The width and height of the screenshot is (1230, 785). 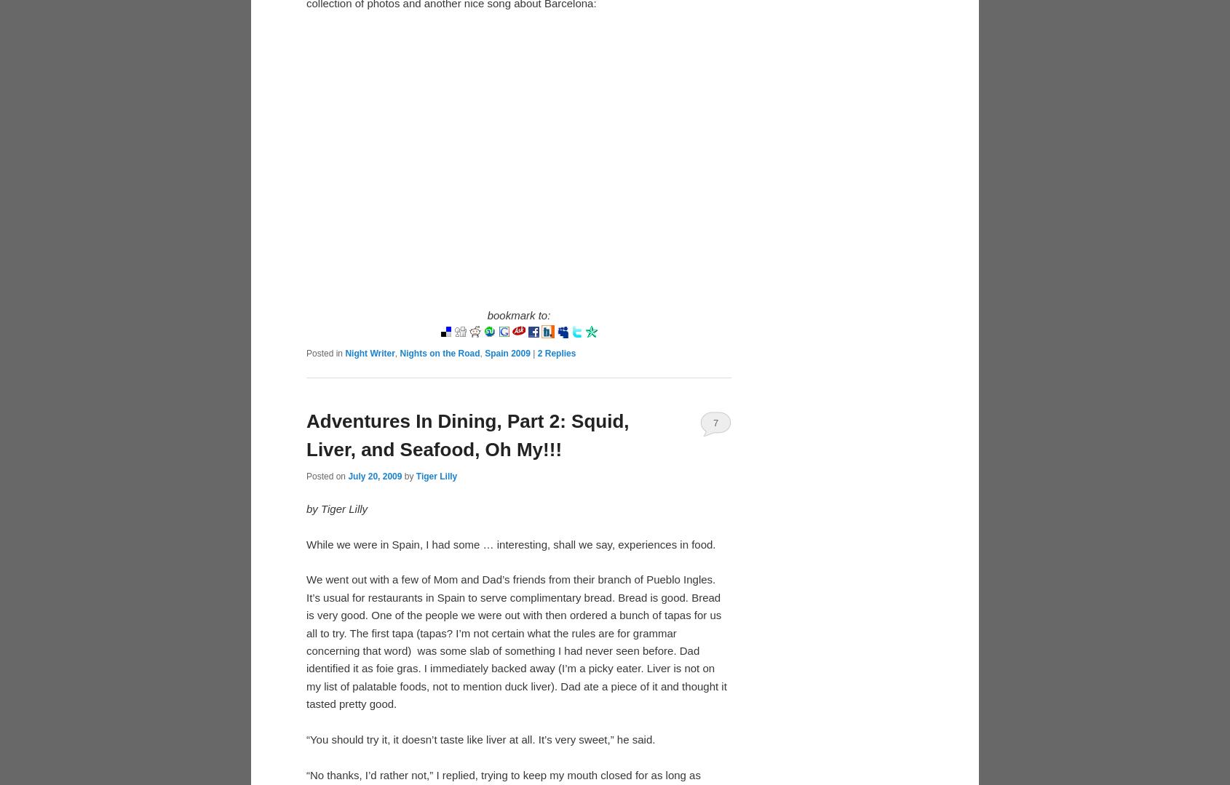 What do you see at coordinates (408, 474) in the screenshot?
I see `'by'` at bounding box center [408, 474].